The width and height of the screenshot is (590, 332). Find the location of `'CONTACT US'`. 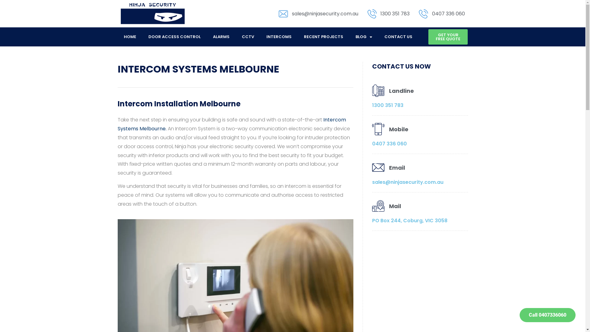

'CONTACT US' is located at coordinates (398, 37).